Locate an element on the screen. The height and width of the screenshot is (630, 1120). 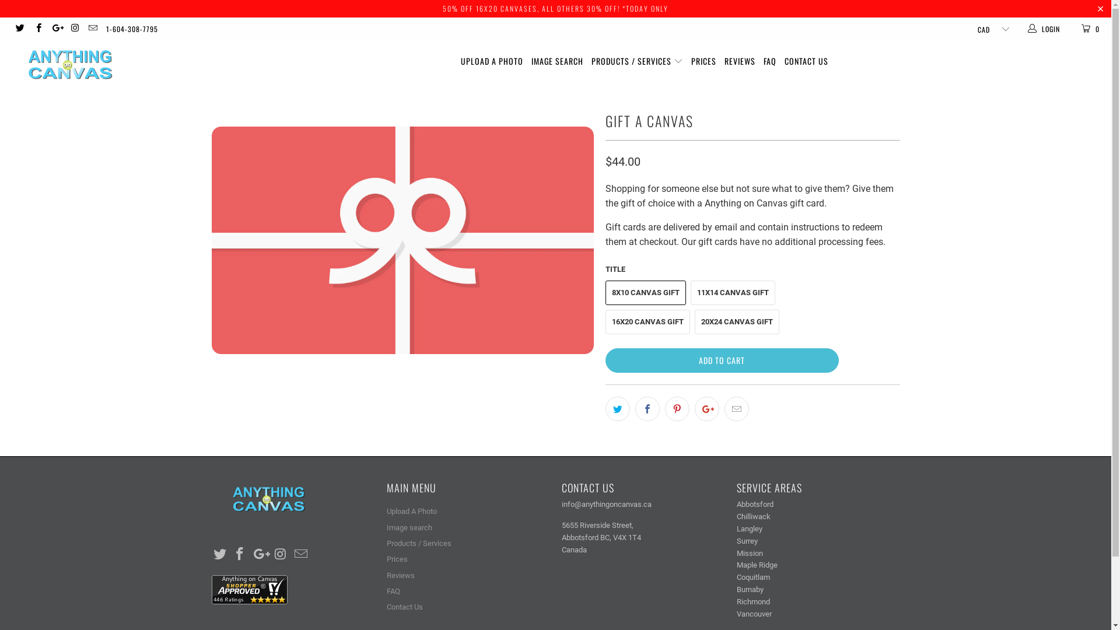
'Products / Services' is located at coordinates (418, 543).